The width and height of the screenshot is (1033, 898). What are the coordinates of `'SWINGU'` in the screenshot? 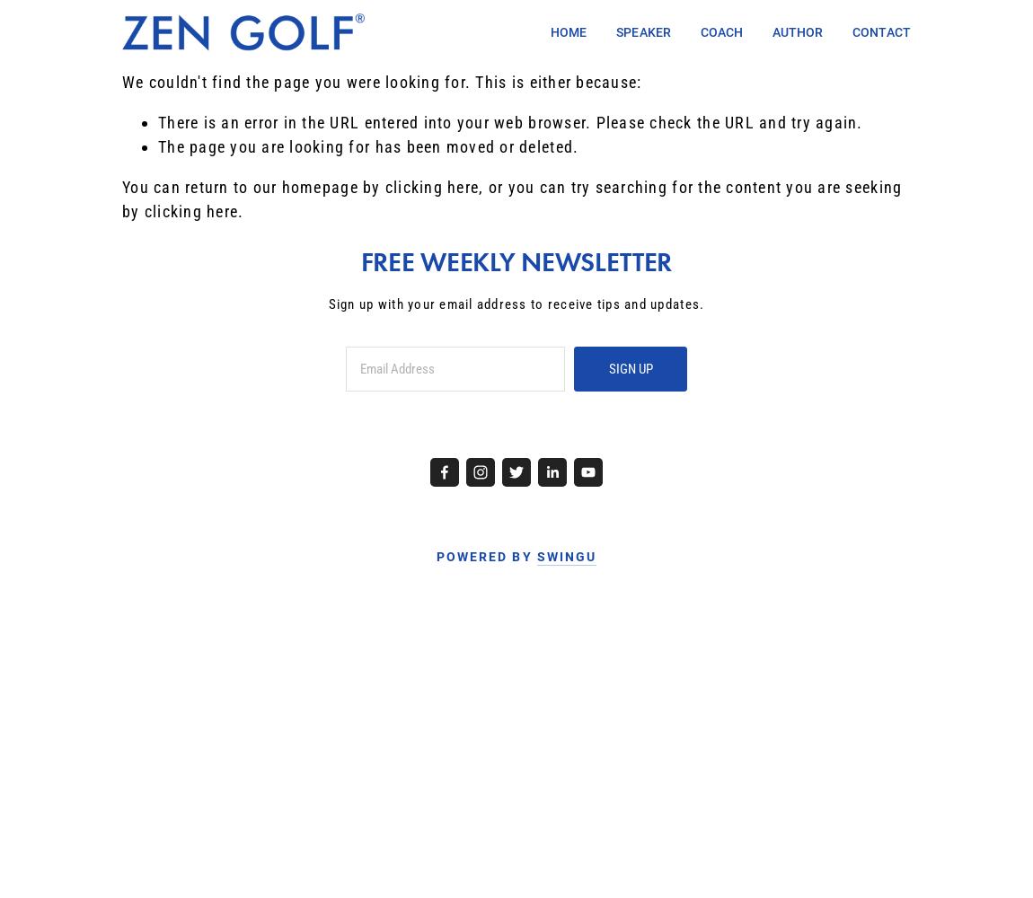 It's located at (565, 556).